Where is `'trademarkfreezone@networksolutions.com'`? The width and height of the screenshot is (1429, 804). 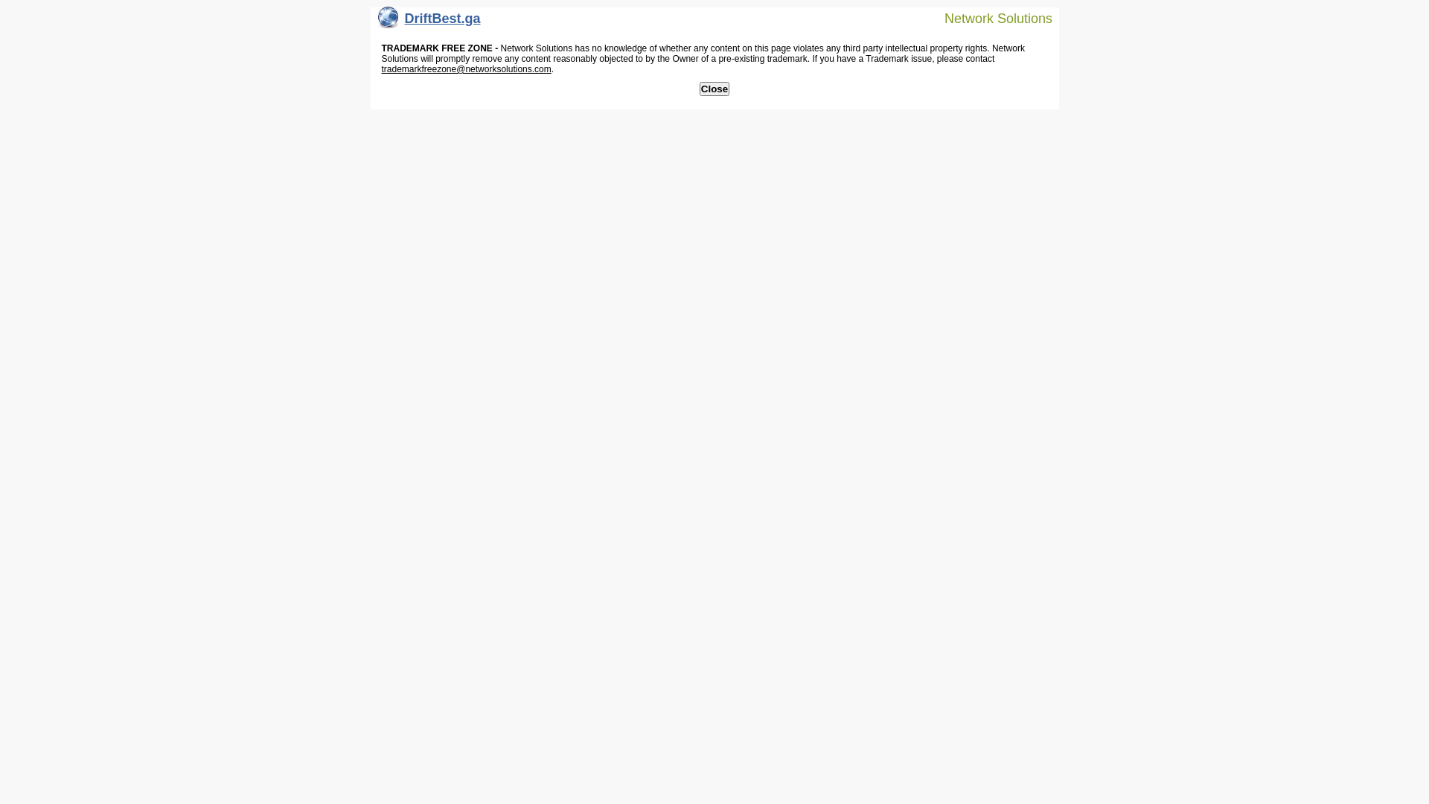 'trademarkfreezone@networksolutions.com' is located at coordinates (464, 68).